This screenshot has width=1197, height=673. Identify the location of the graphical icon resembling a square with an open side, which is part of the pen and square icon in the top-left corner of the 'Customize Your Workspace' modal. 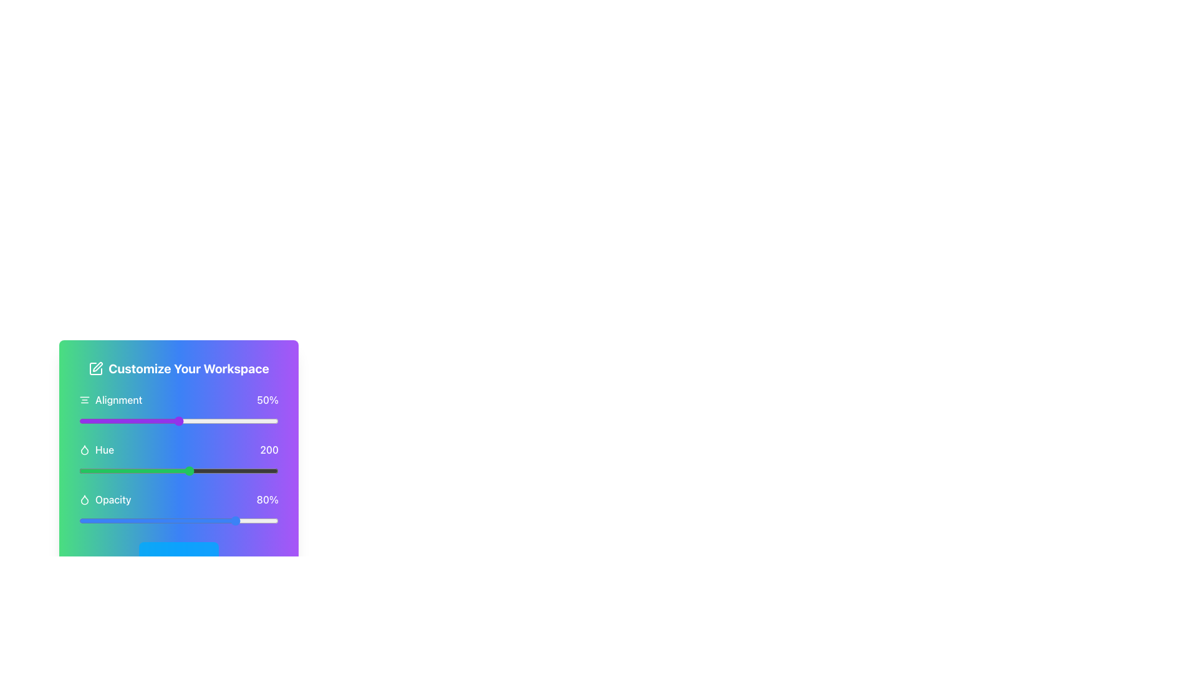
(95, 368).